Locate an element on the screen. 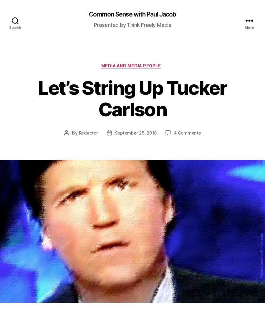 The image size is (265, 311). 'PDF for printing' is located at coordinates (138, 6).